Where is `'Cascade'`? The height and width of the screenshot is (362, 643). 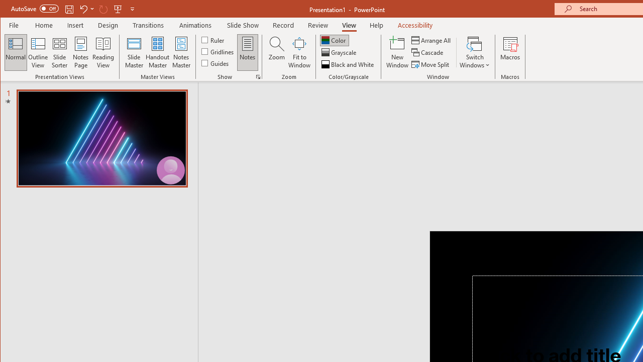
'Cascade' is located at coordinates (428, 52).